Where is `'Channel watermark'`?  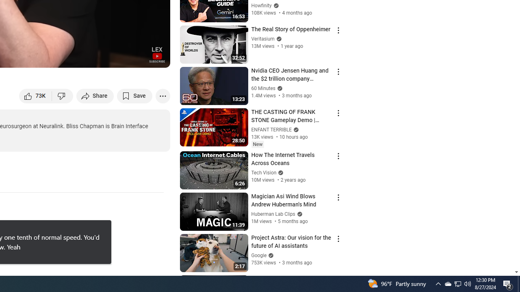
'Channel watermark' is located at coordinates (157, 55).